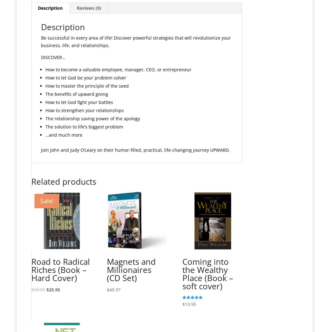 This screenshot has height=332, width=329. I want to click on 'Sale!', so click(46, 201).